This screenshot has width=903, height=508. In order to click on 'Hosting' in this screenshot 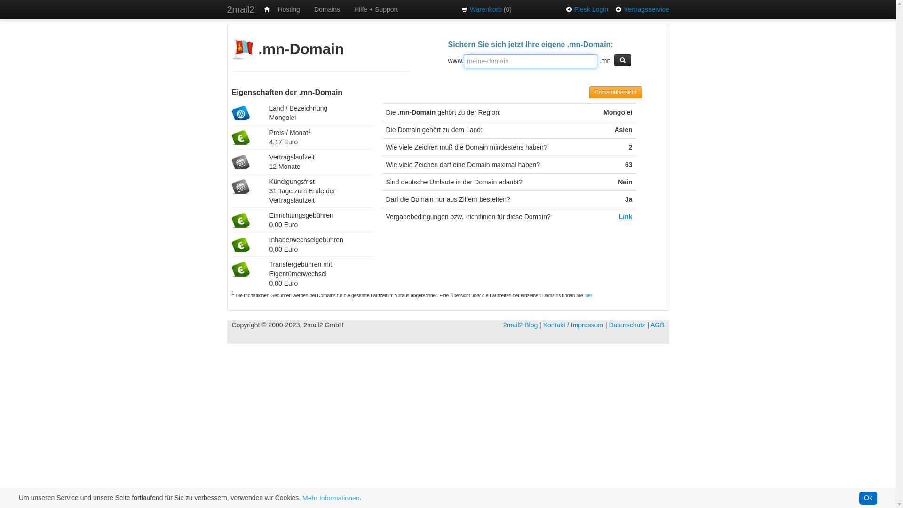, I will do `click(288, 9)`.